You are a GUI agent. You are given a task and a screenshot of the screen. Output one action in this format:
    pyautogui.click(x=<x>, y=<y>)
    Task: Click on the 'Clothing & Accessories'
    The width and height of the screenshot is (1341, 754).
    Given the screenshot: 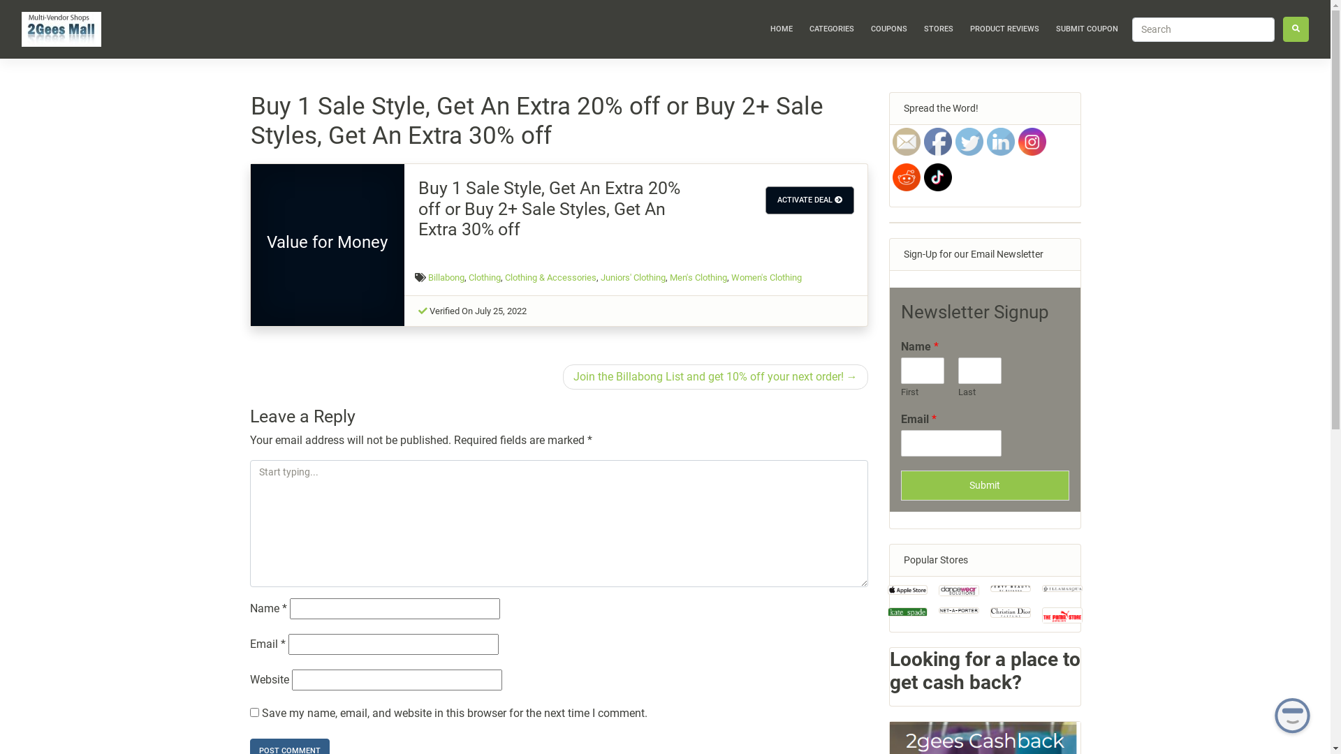 What is the action you would take?
    pyautogui.click(x=550, y=277)
    